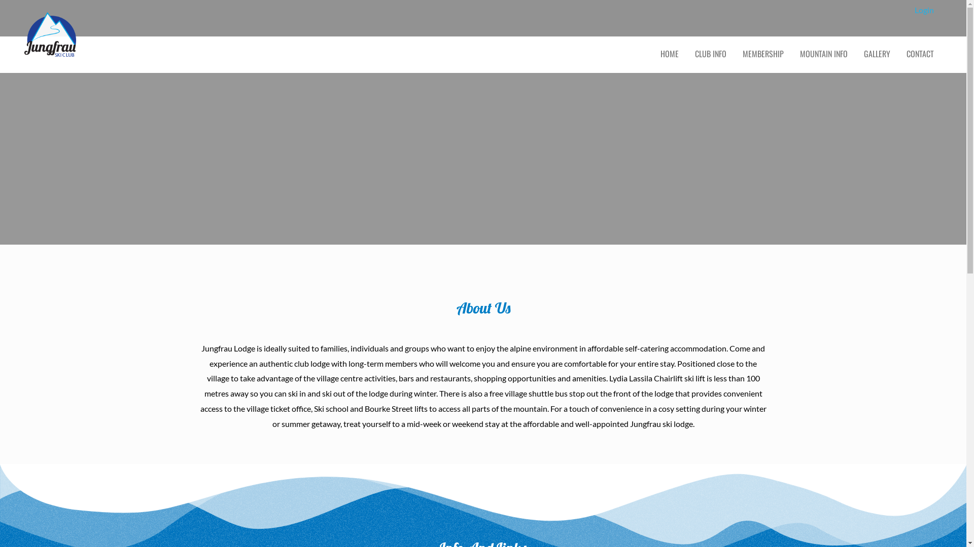 The image size is (974, 547). Describe the element at coordinates (924, 10) in the screenshot. I see `'Login'` at that location.